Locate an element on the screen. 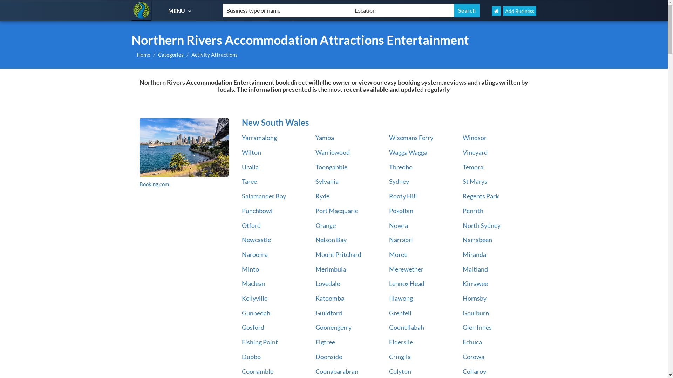 This screenshot has width=673, height=378. 'Kirrawee' is located at coordinates (463, 283).